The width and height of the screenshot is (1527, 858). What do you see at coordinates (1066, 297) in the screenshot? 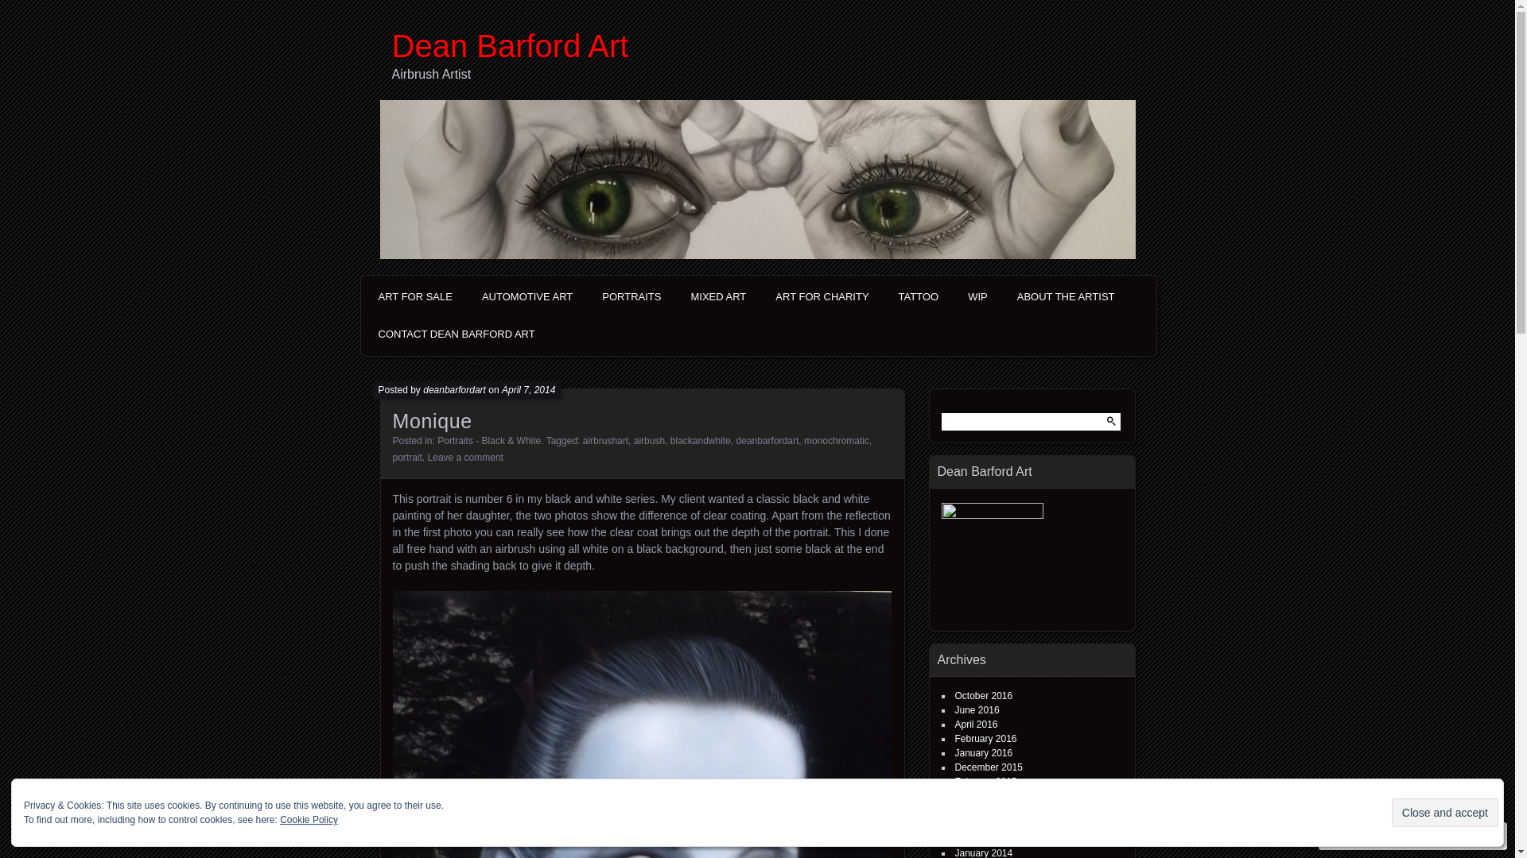
I see `'ABOUT THE ARTIST'` at bounding box center [1066, 297].